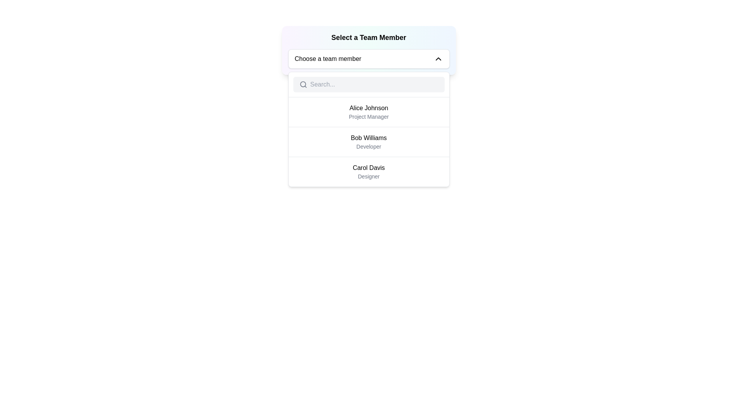 Image resolution: width=745 pixels, height=419 pixels. What do you see at coordinates (368, 112) in the screenshot?
I see `the first selectable team member entry in the dropdown list under 'Select a Team Member'` at bounding box center [368, 112].